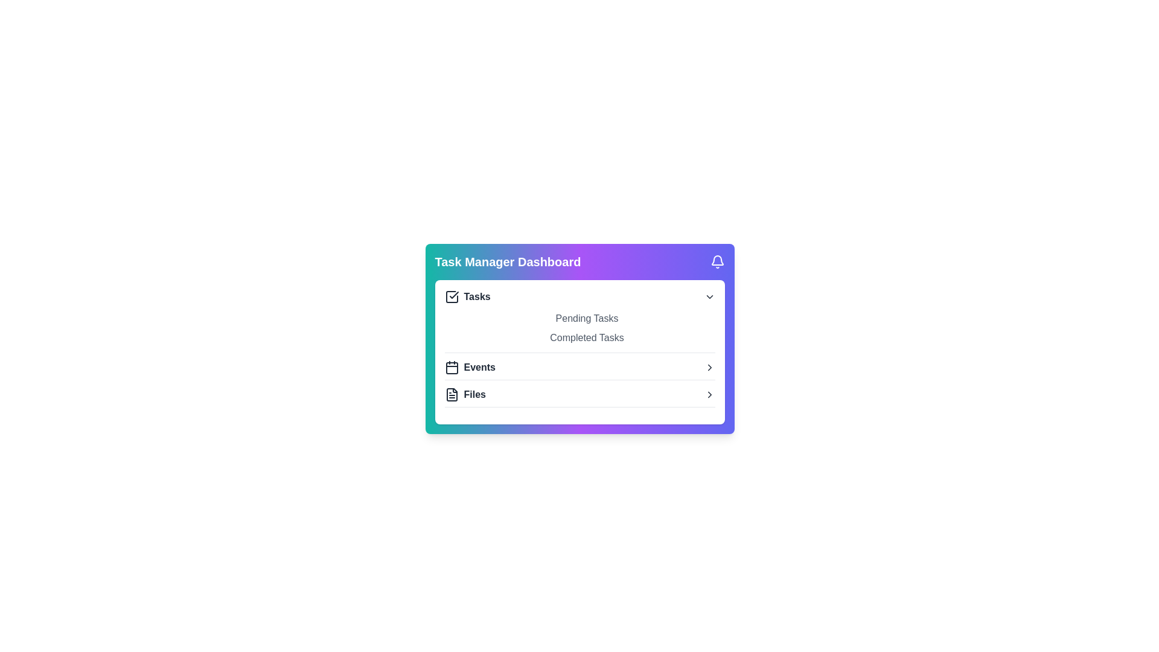 The image size is (1159, 652). Describe the element at coordinates (709, 395) in the screenshot. I see `the chevron icon next to the 'Files' section` at that location.